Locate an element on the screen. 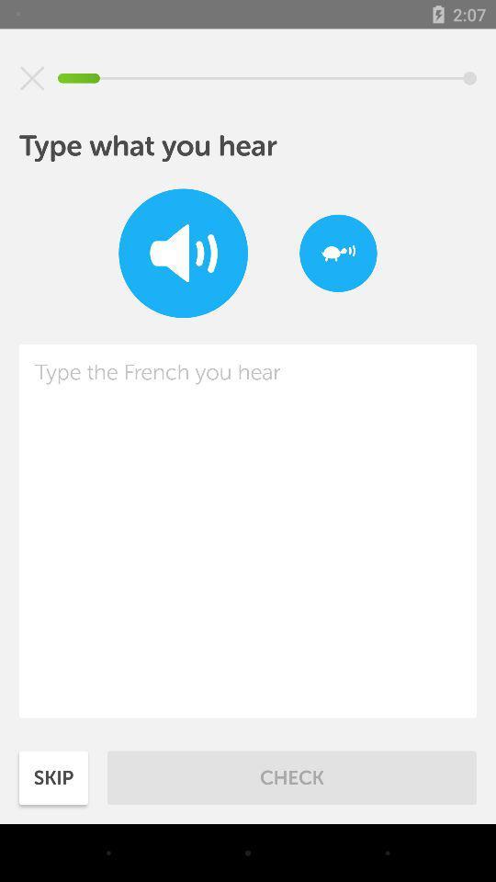 Image resolution: width=496 pixels, height=882 pixels. item above type what you icon is located at coordinates (32, 78).